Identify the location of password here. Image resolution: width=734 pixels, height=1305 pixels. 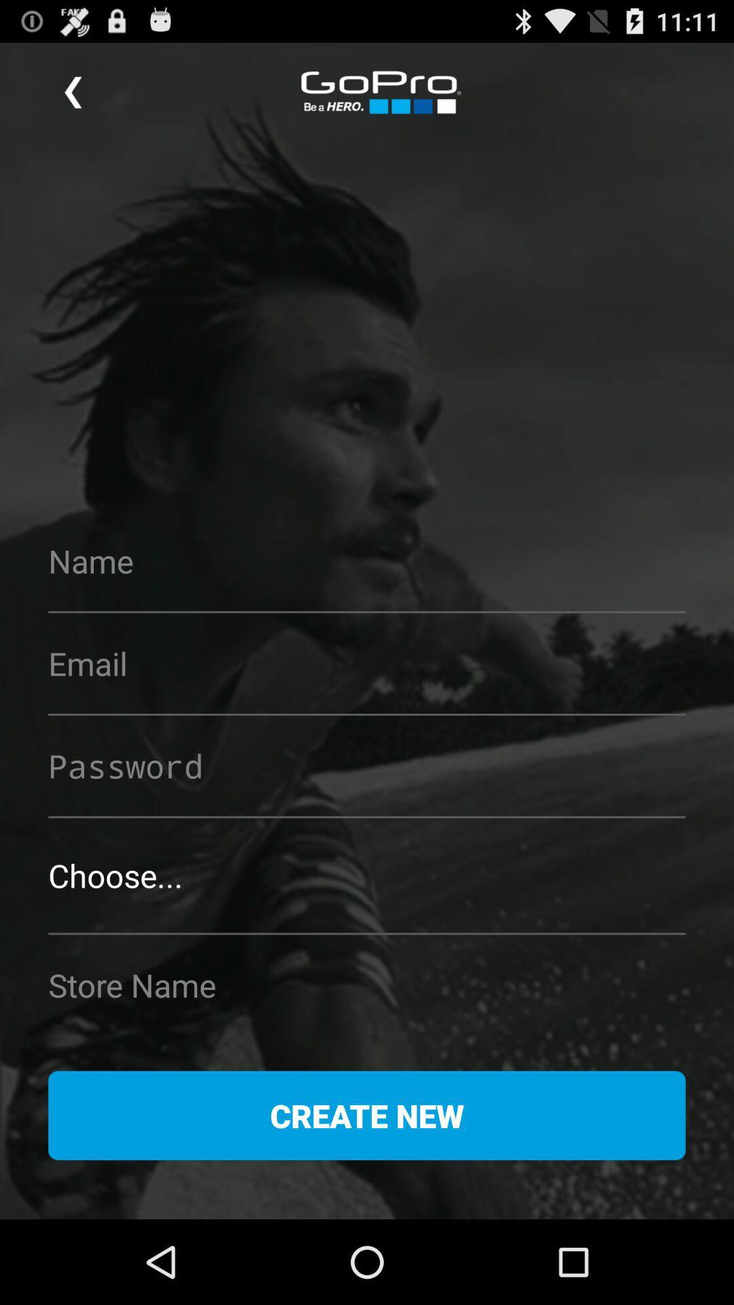
(367, 765).